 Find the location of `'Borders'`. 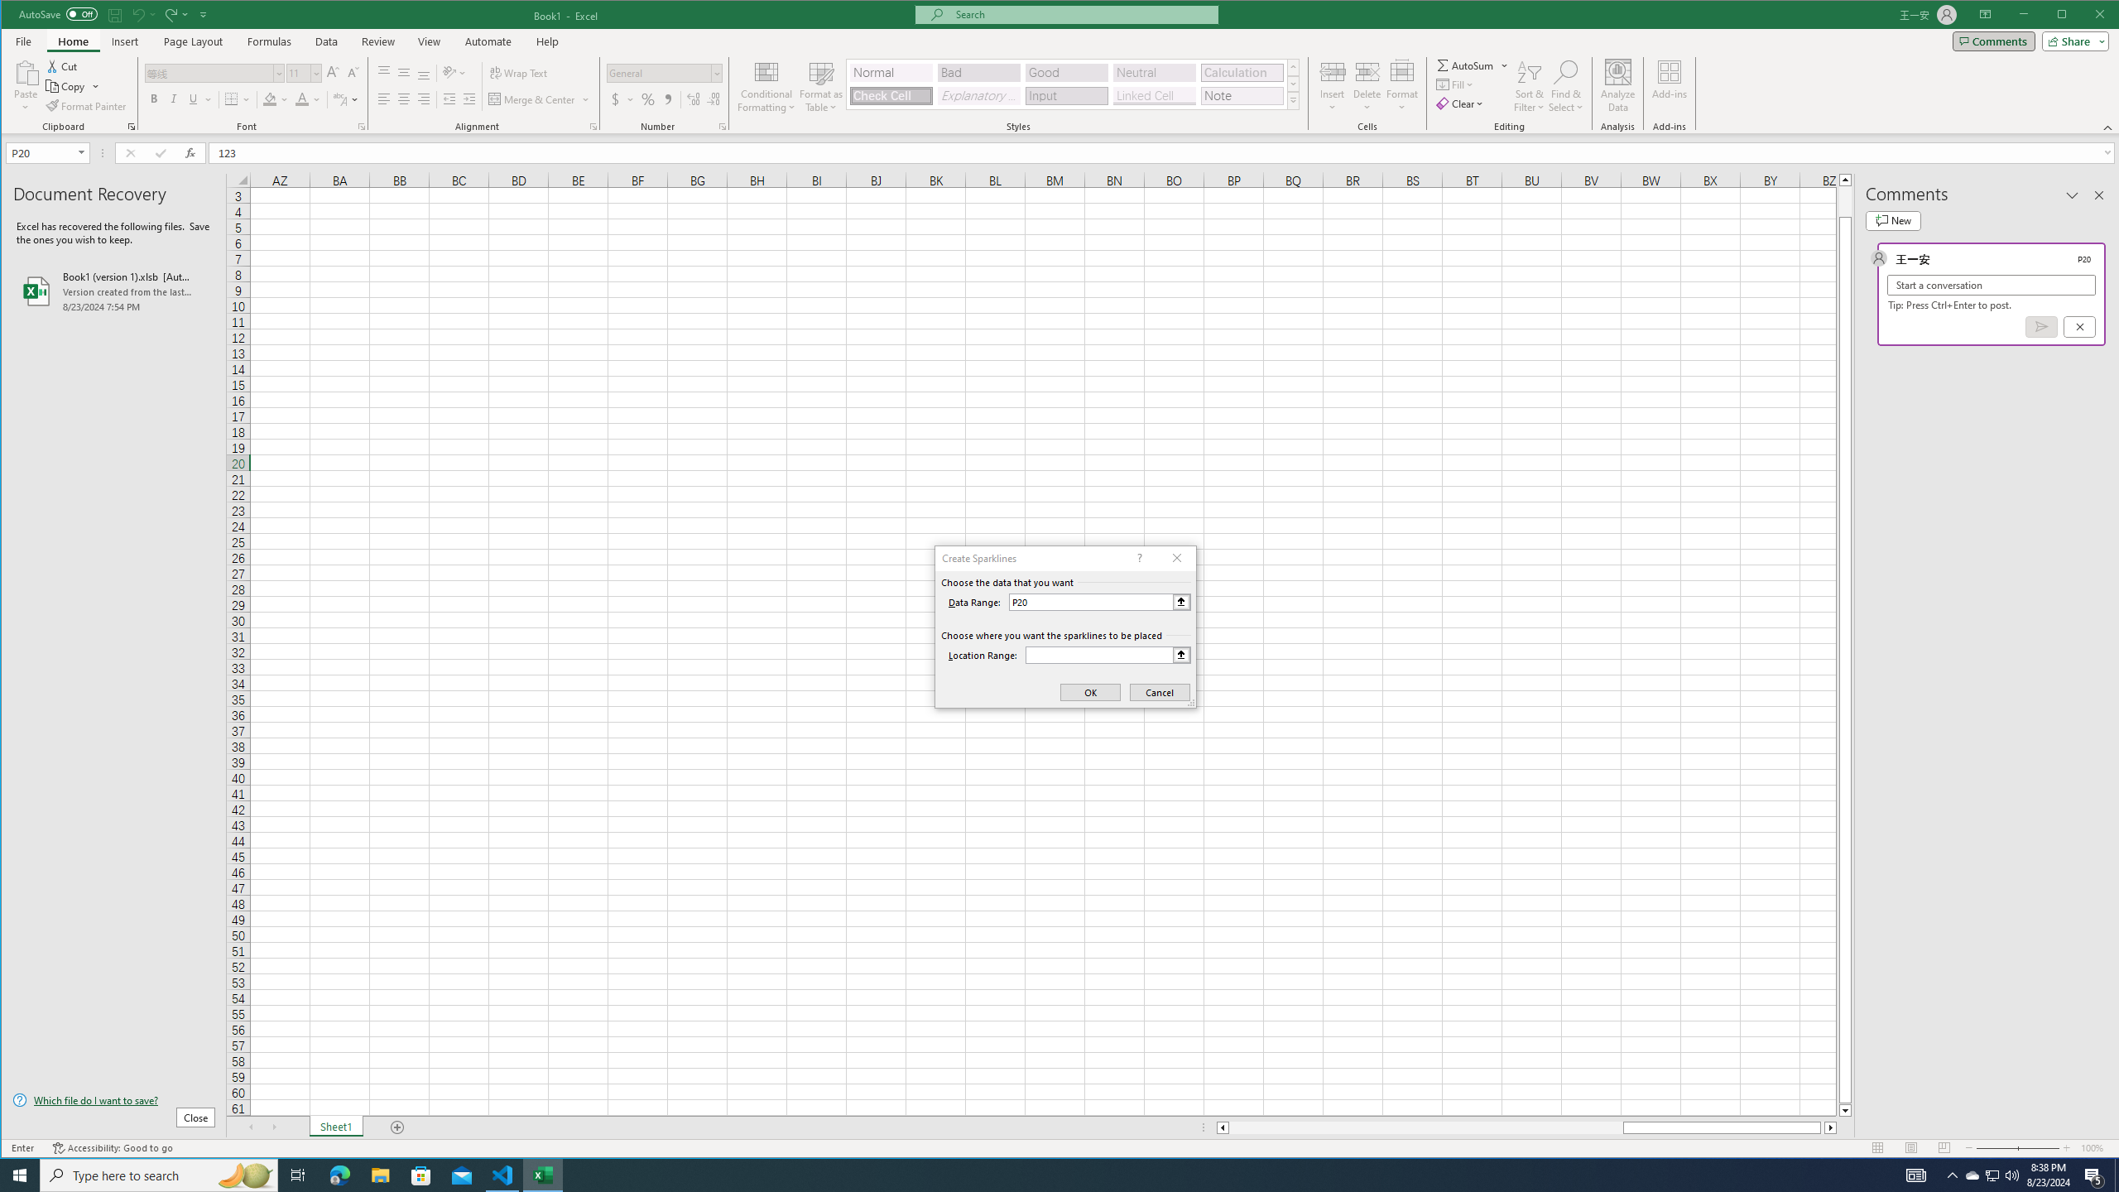

'Borders' is located at coordinates (238, 99).